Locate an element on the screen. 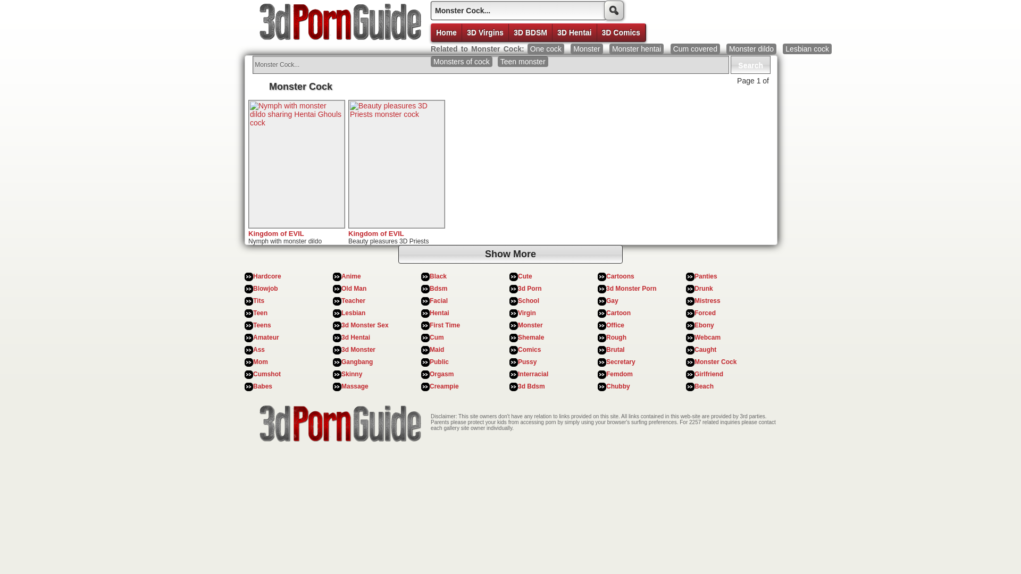  'Femdom' is located at coordinates (620, 374).